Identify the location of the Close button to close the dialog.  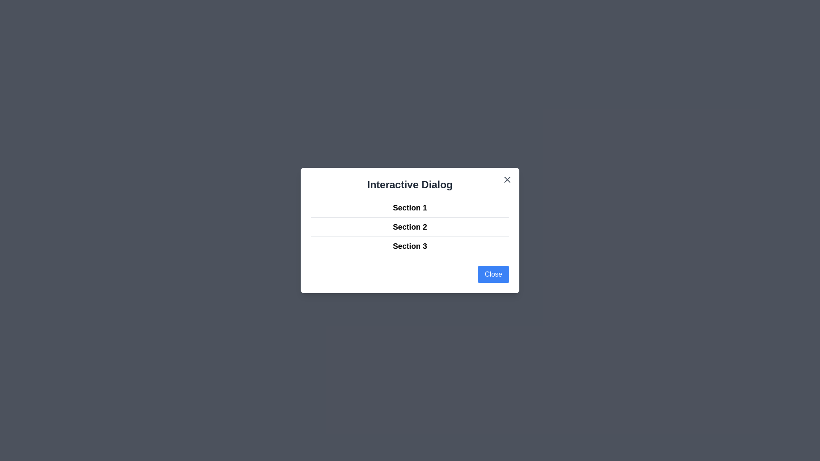
(493, 274).